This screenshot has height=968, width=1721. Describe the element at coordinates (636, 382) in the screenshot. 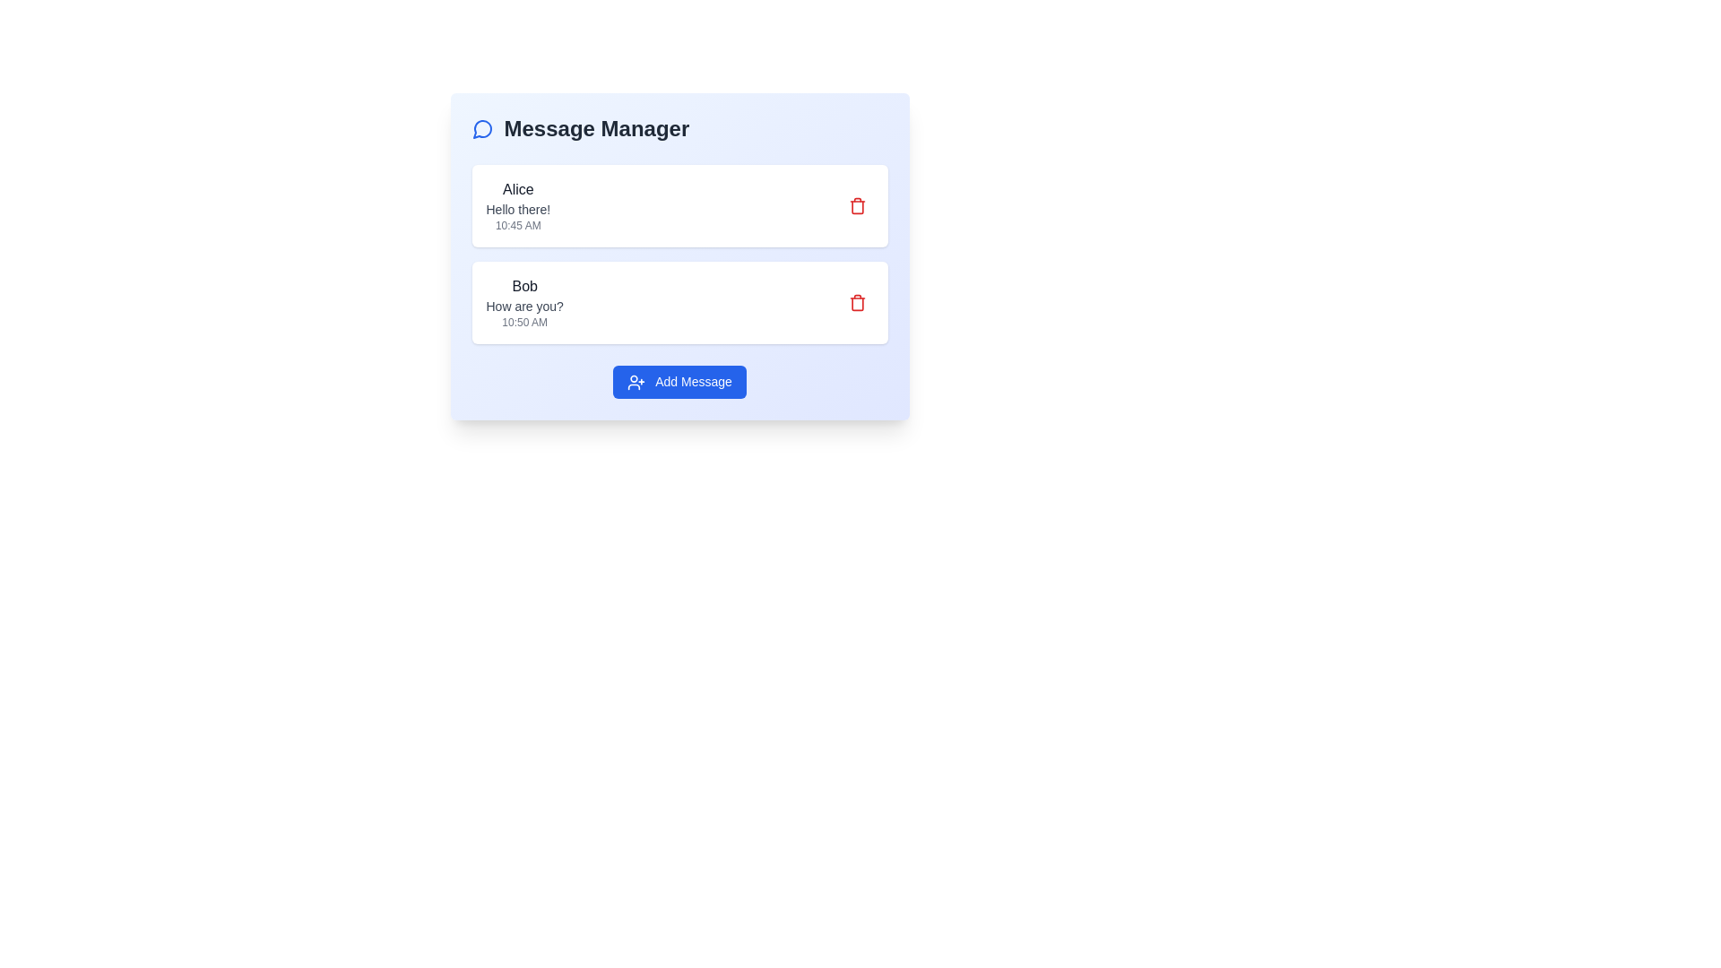

I see `the user icon with a plus sign, which is part of the 'Add Message' button, located in a blue area and positioned to the left of the text label` at that location.